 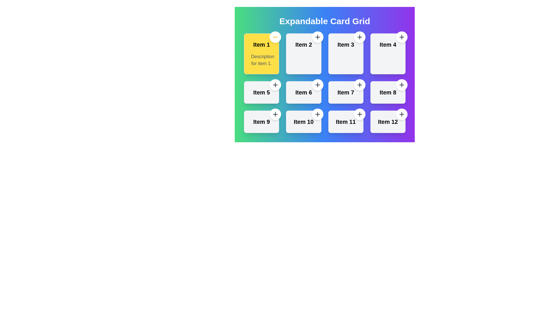 I want to click on the circular button with a white background and a plus sign located at the top-right corner of the card labeled 'Item 5' for keyboard navigation, so click(x=275, y=85).